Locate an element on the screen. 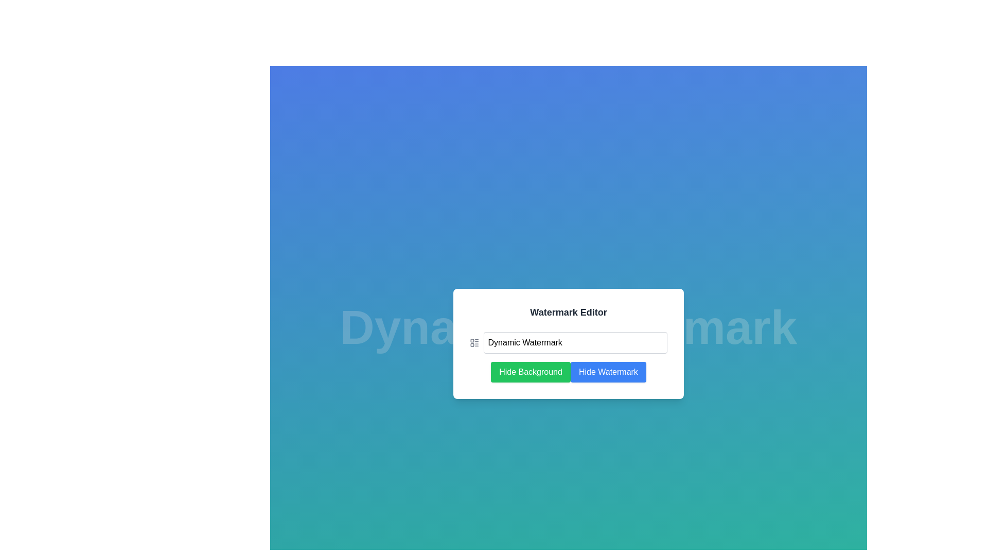 The image size is (988, 556). the green 'Hide Background' button located in the 'Watermark Editor' interface is located at coordinates (531, 372).